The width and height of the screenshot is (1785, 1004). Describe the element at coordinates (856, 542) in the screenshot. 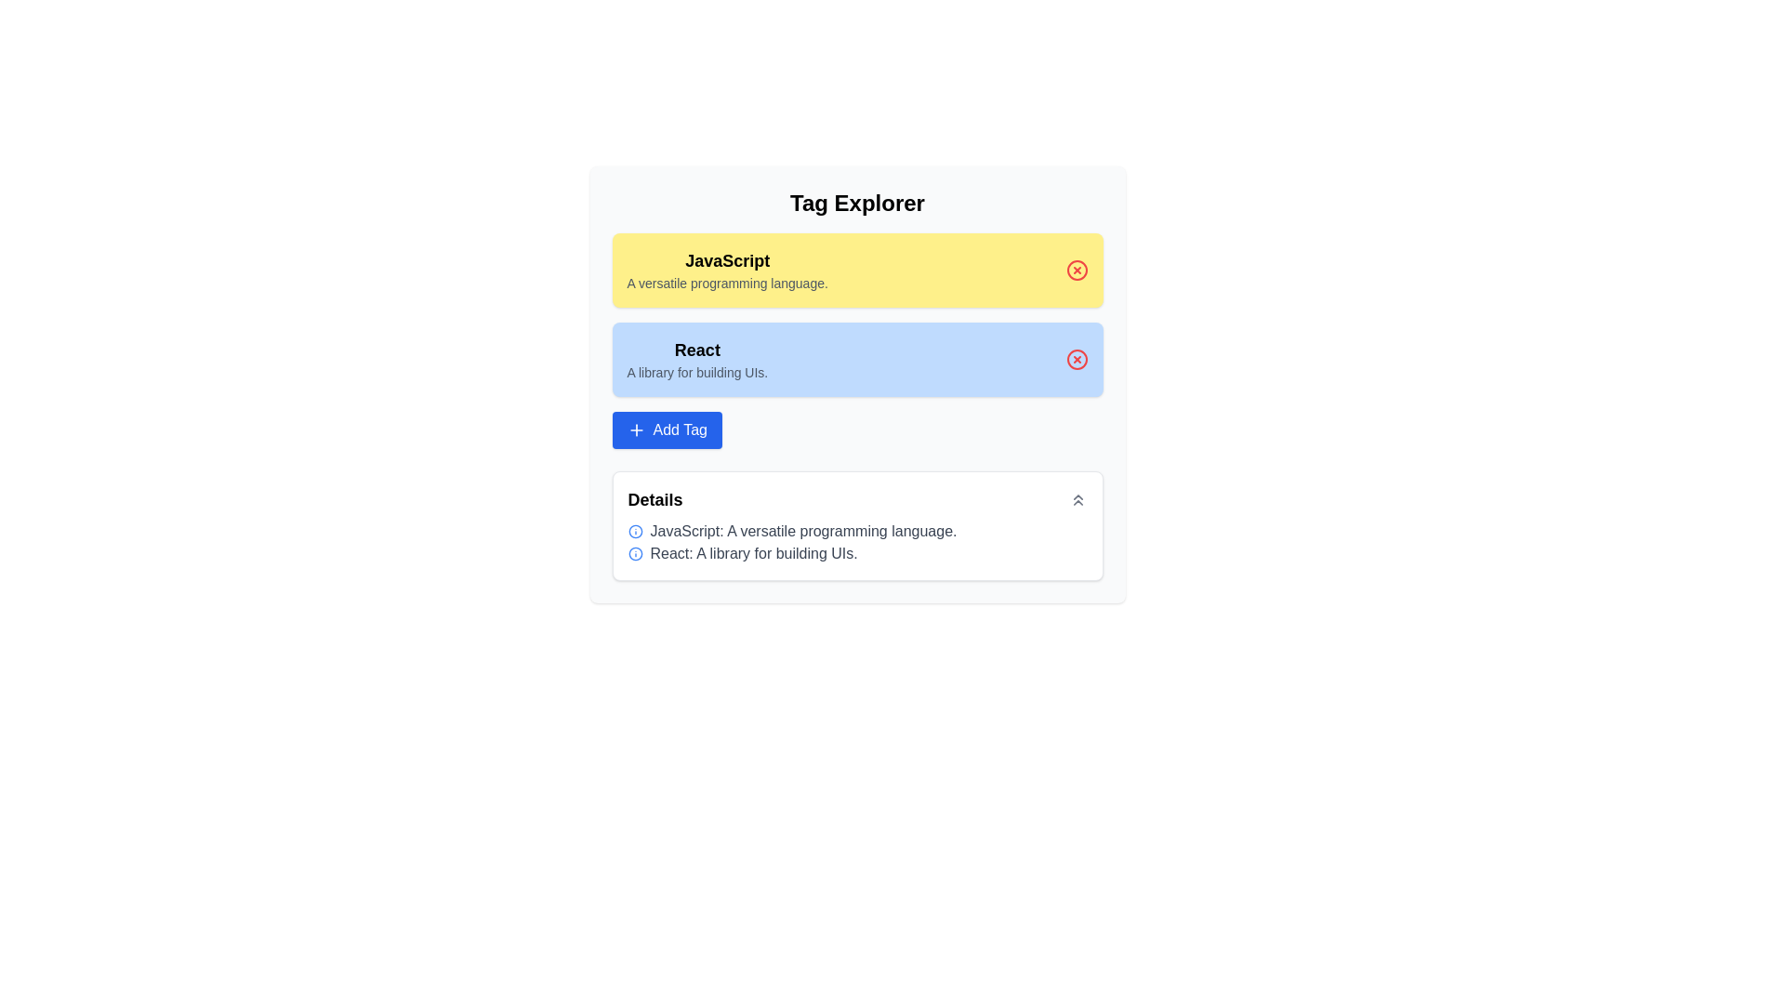

I see `the text of the bullet point list item in the 'Details' box` at that location.